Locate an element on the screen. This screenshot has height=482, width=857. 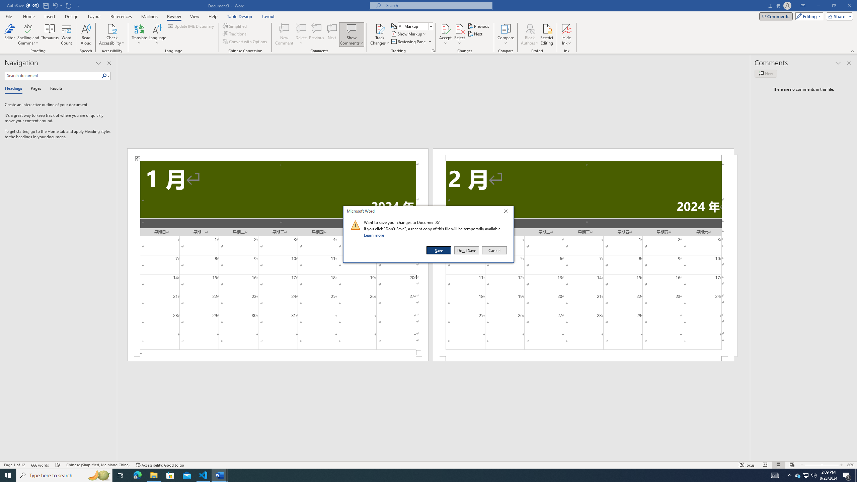
'Footer -Section 2-' is located at coordinates (583, 358).